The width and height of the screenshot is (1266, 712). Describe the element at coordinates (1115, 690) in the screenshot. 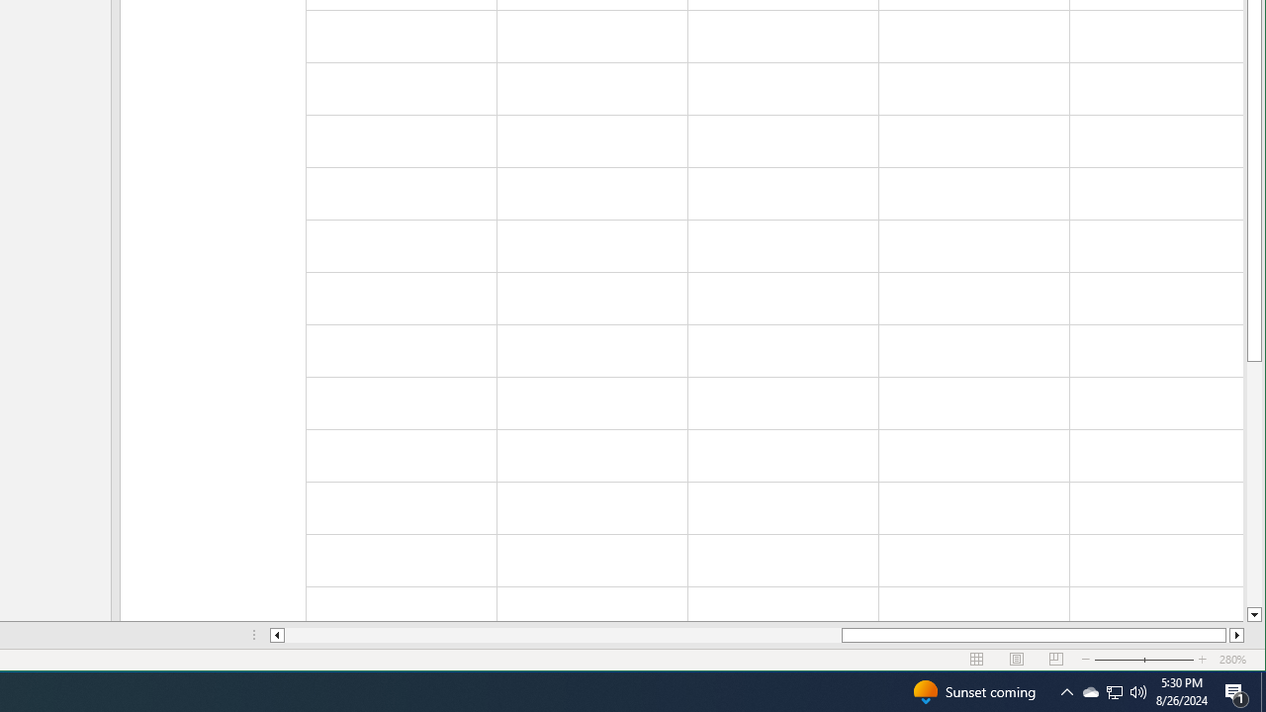

I see `'Notification Chevron'` at that location.